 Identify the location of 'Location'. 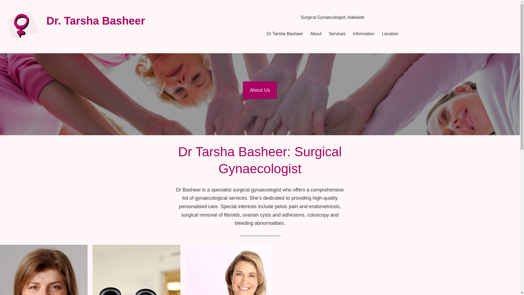
(390, 34).